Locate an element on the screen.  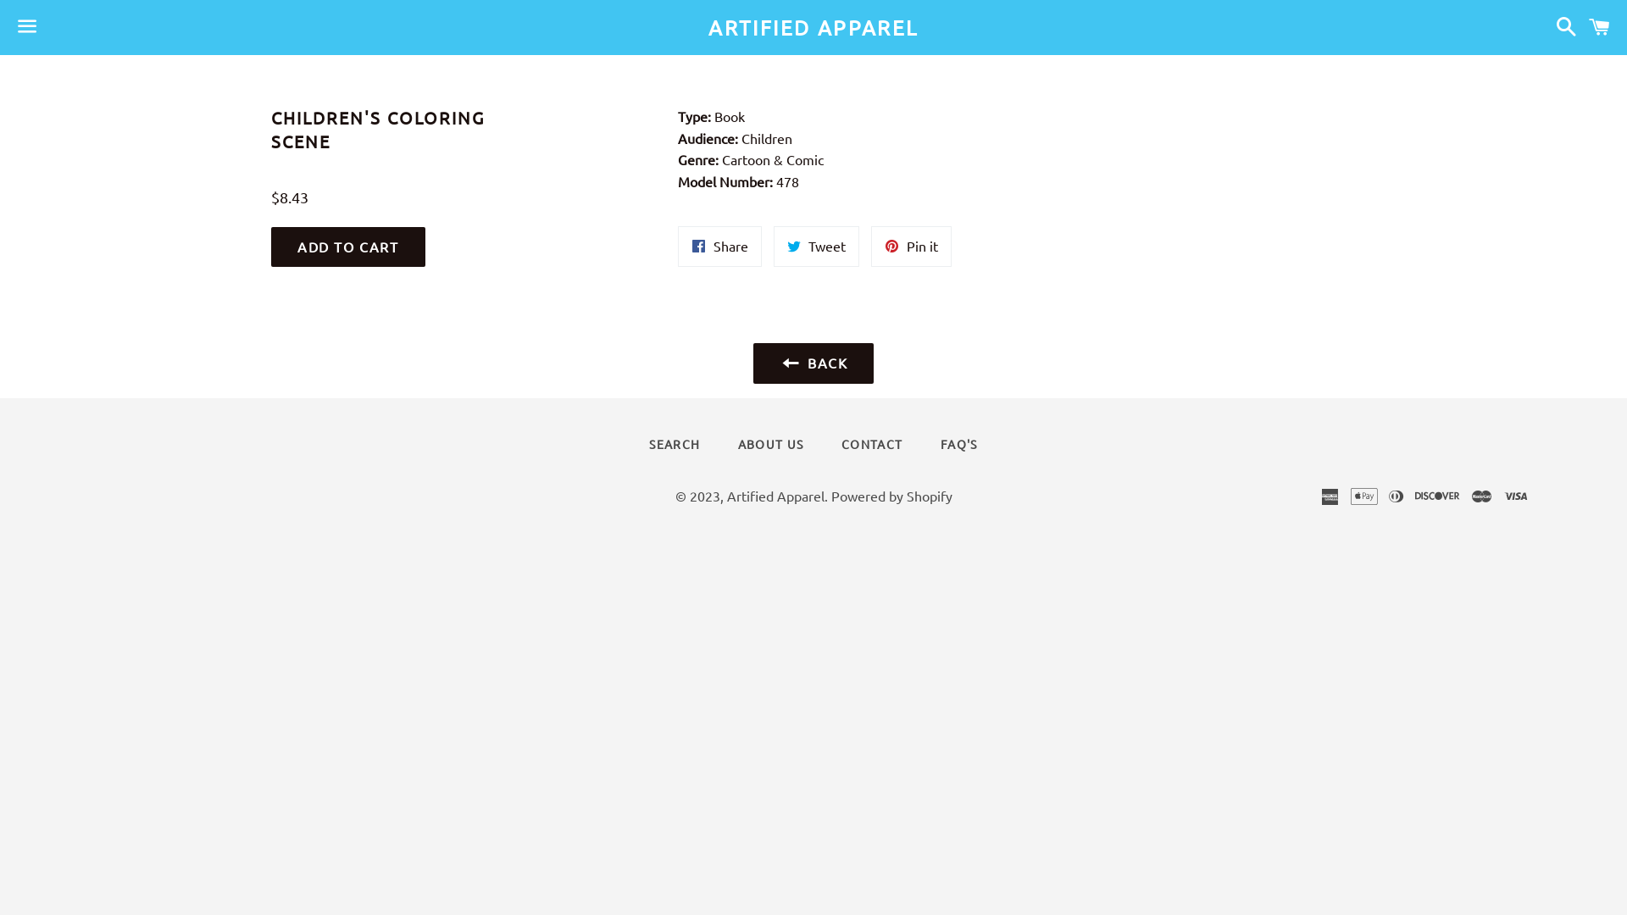
'Pin it is located at coordinates (910, 246).